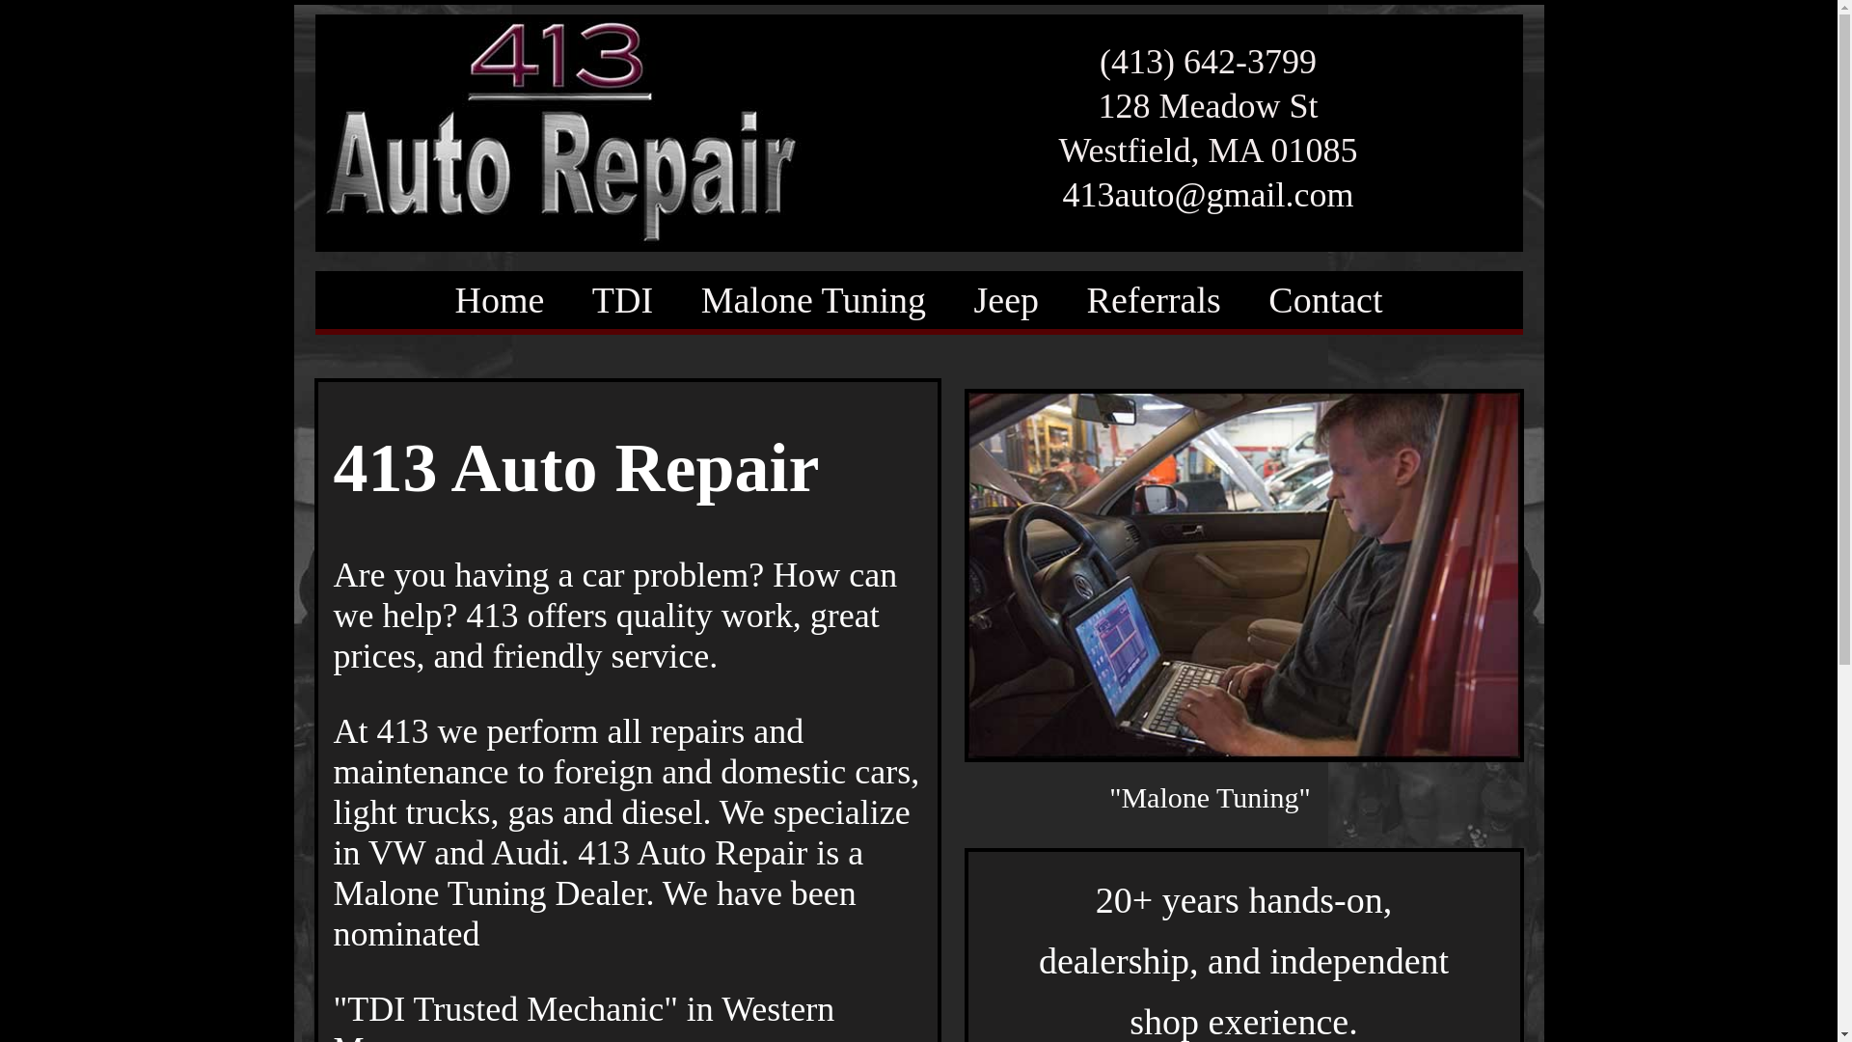 This screenshot has height=1042, width=1852. Describe the element at coordinates (1207, 194) in the screenshot. I see `'413auto@gmail.com'` at that location.